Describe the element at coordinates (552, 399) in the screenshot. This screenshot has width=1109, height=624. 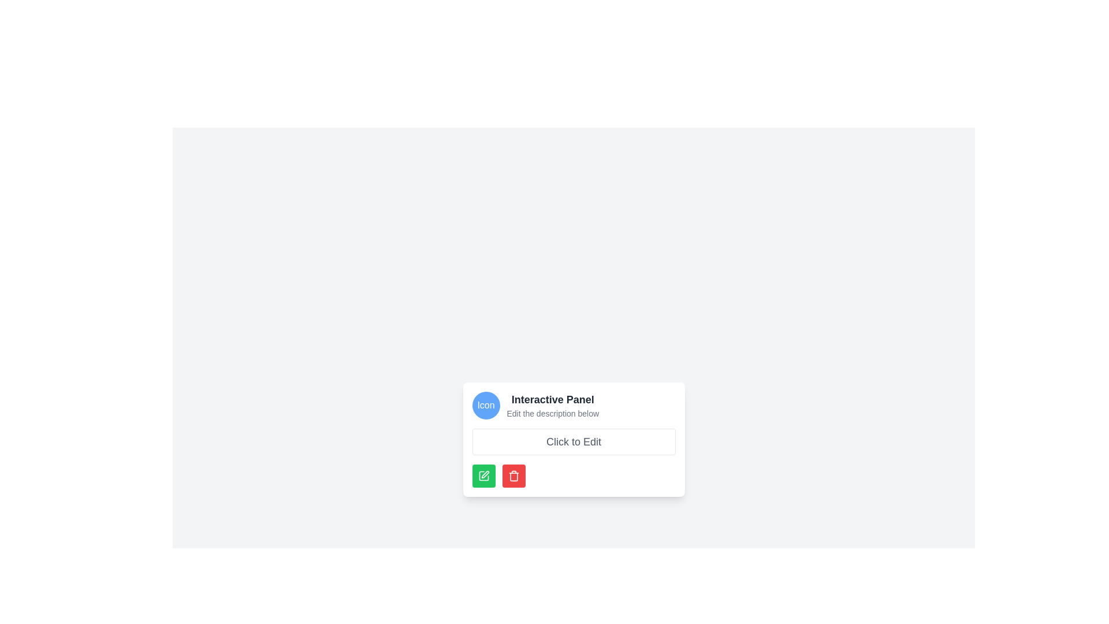
I see `the 'Interactive Panel' label displayed in bold and large dark gray text, which is located at the top-center area of a card-like component` at that location.